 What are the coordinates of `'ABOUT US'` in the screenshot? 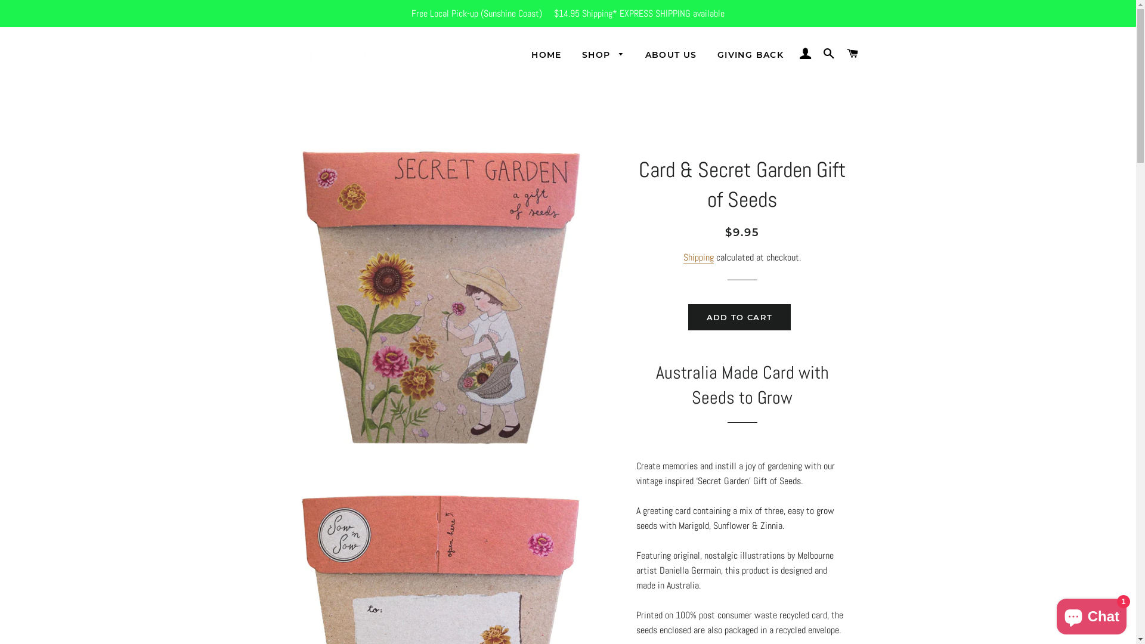 It's located at (671, 55).